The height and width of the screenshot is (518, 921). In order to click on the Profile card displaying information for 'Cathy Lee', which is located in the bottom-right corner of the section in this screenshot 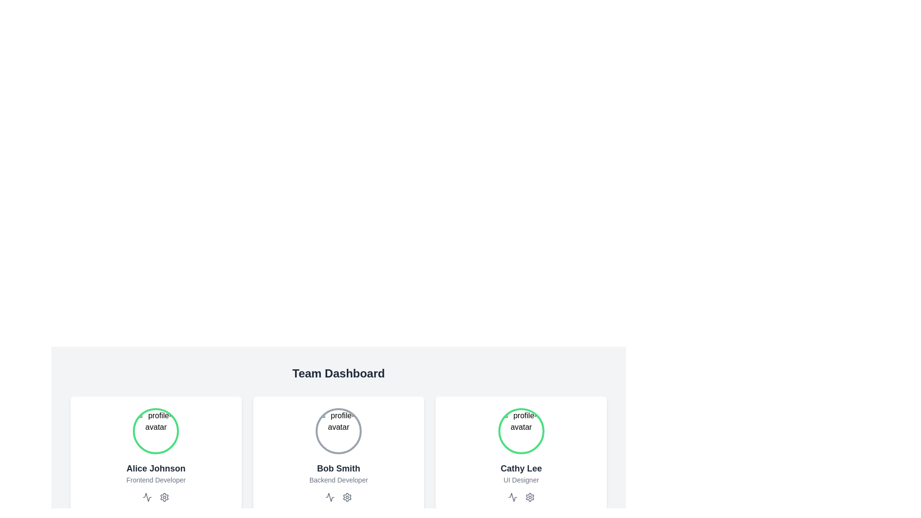, I will do `click(520, 454)`.